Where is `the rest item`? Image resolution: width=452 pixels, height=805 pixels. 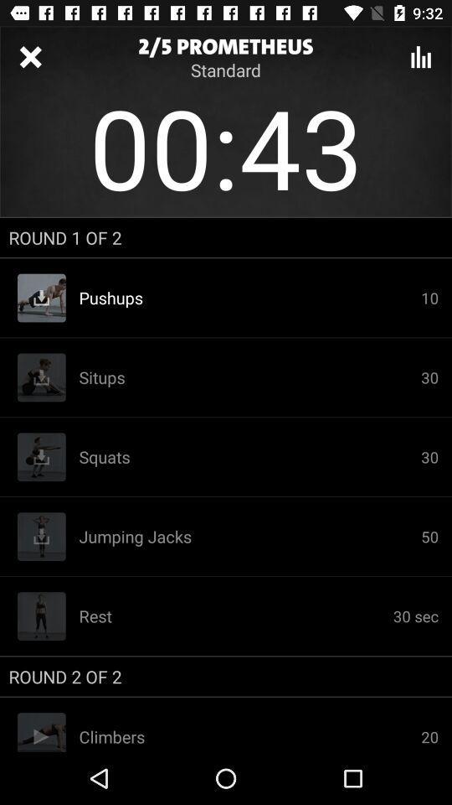 the rest item is located at coordinates (235, 615).